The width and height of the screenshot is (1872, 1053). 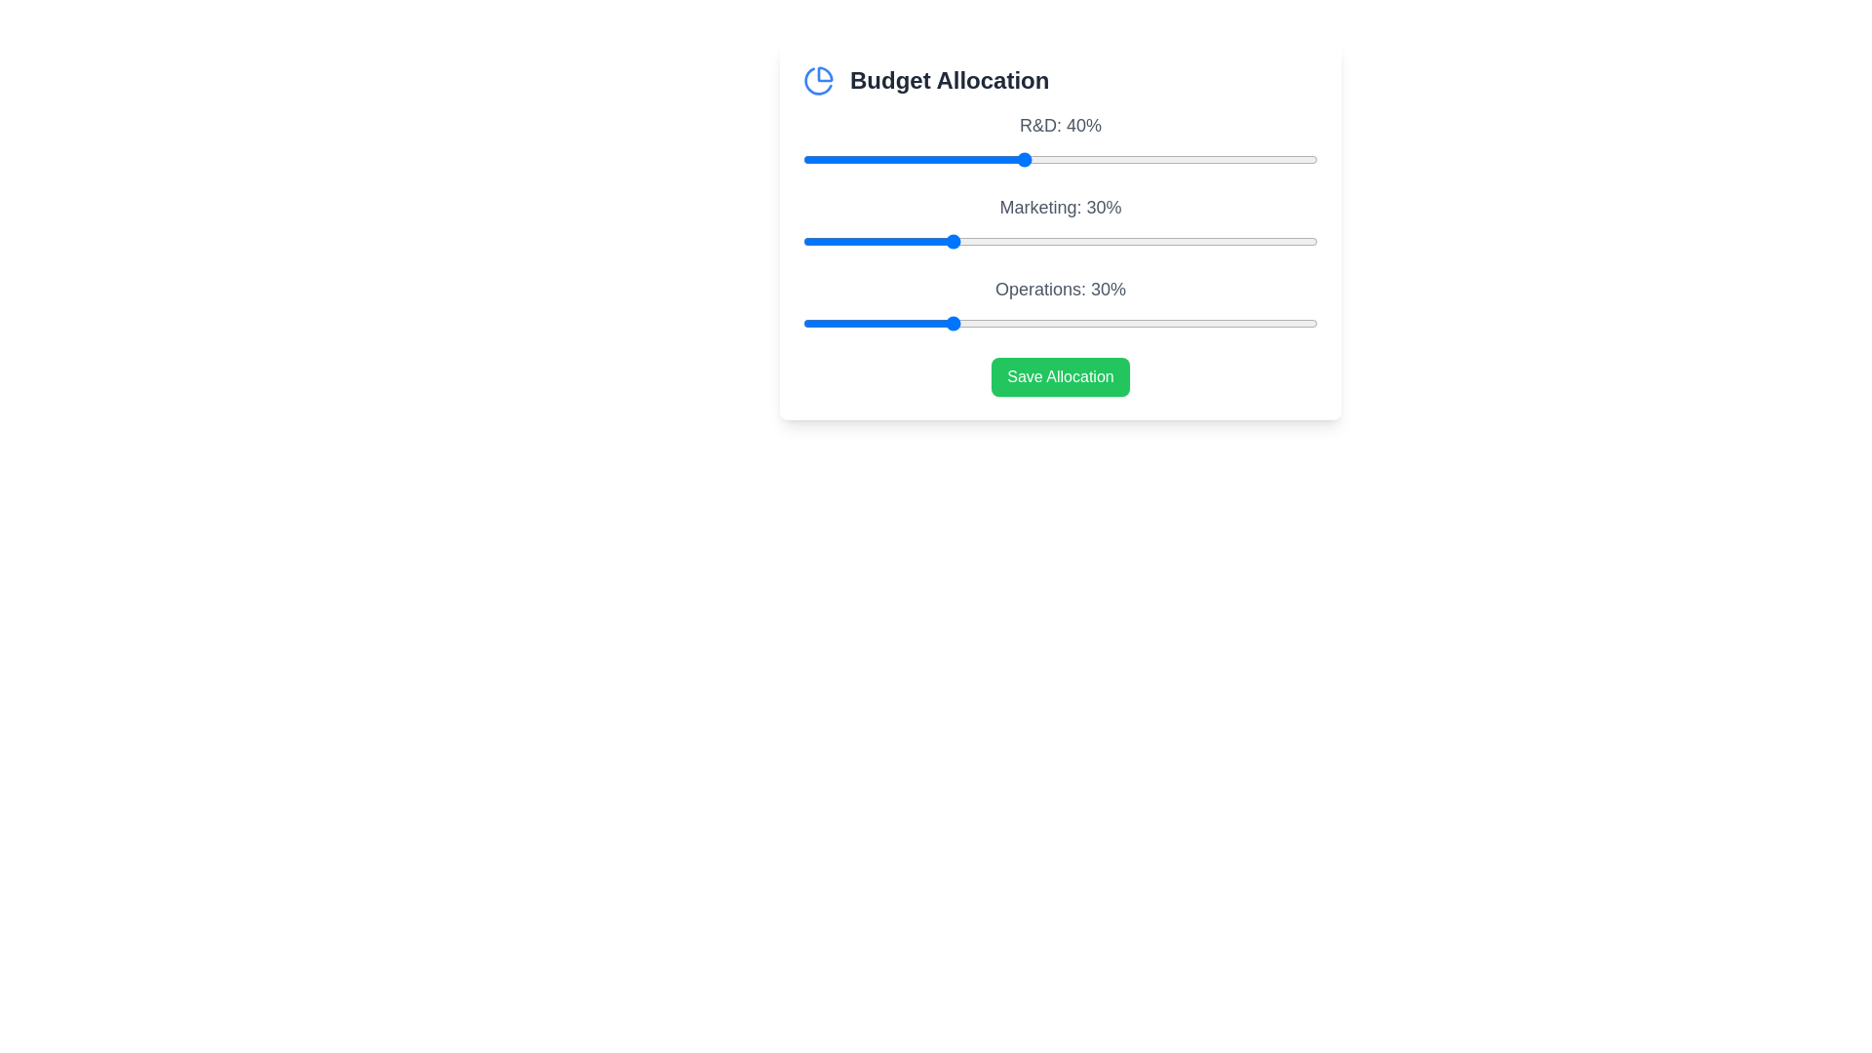 What do you see at coordinates (1105, 322) in the screenshot?
I see `the 'Operations' slider to 51%` at bounding box center [1105, 322].